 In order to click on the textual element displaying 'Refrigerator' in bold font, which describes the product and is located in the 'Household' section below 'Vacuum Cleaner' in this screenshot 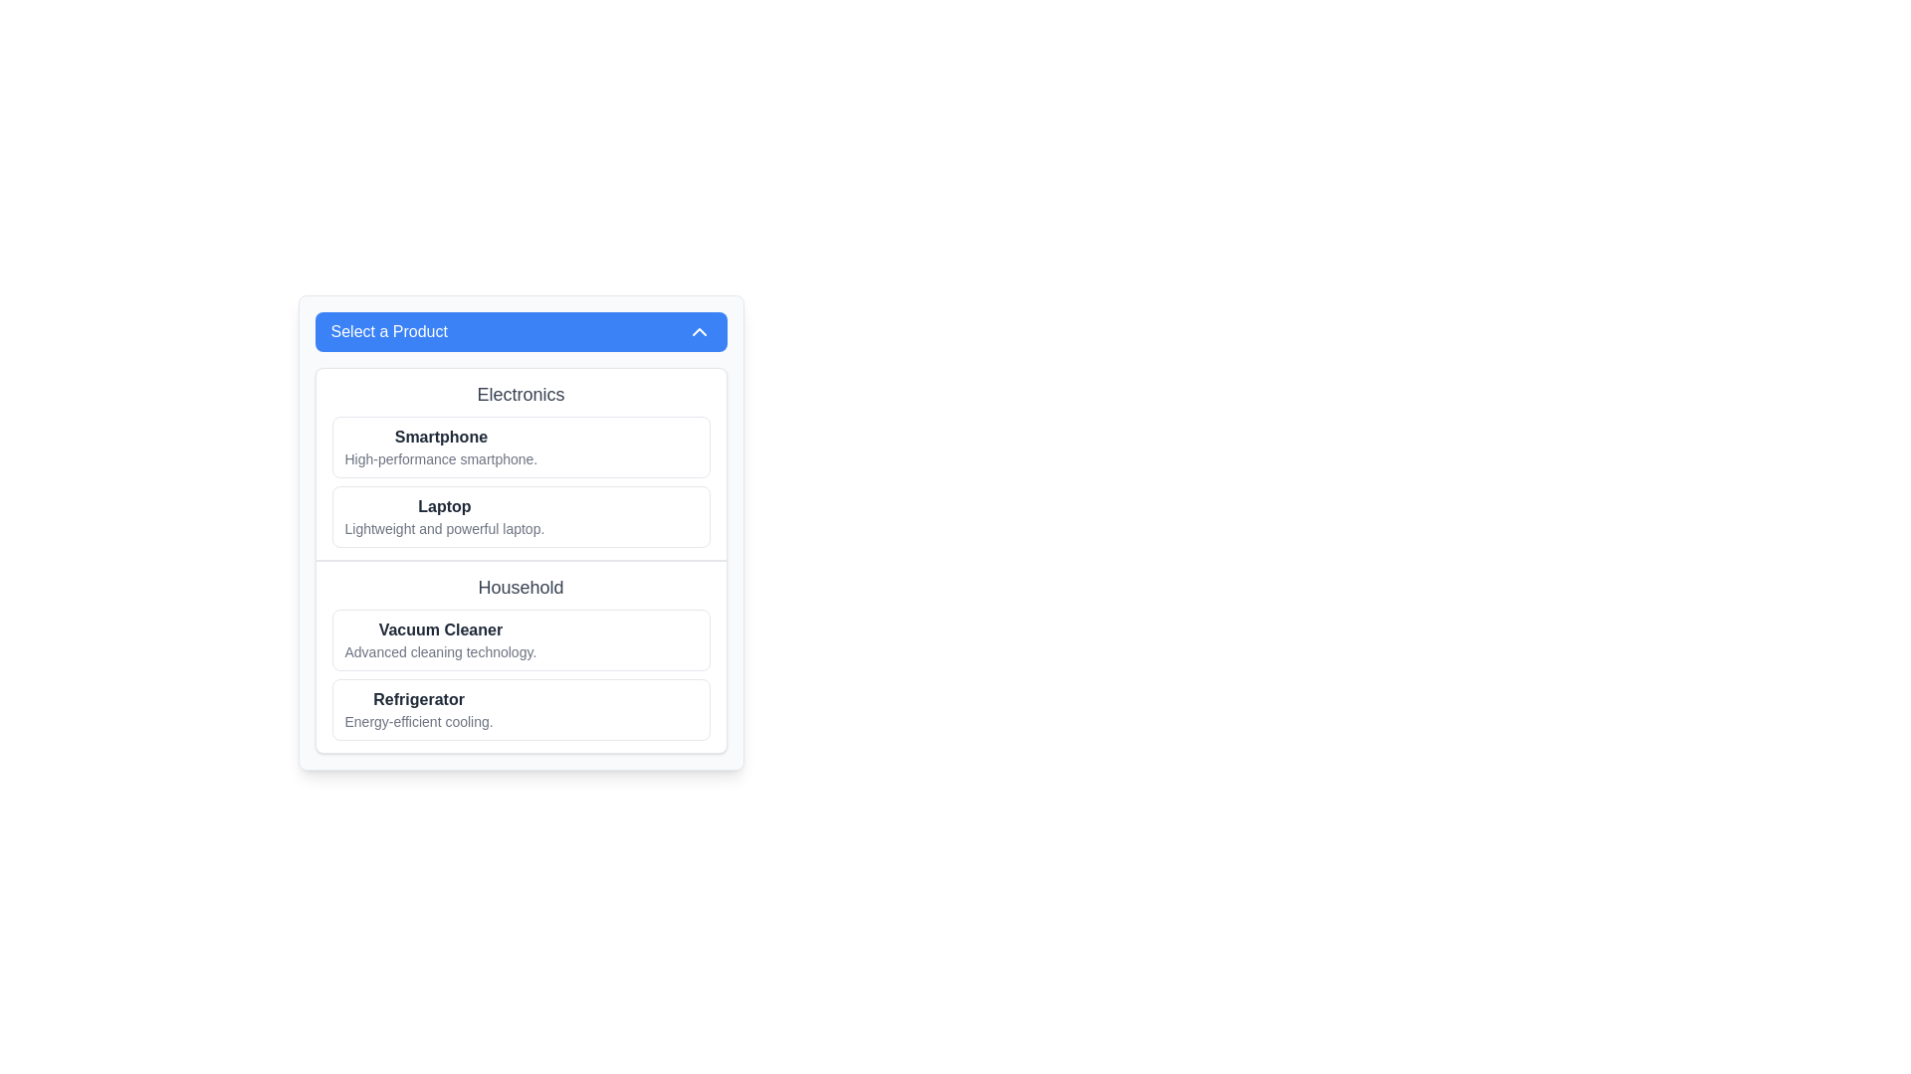, I will do `click(418, 708)`.